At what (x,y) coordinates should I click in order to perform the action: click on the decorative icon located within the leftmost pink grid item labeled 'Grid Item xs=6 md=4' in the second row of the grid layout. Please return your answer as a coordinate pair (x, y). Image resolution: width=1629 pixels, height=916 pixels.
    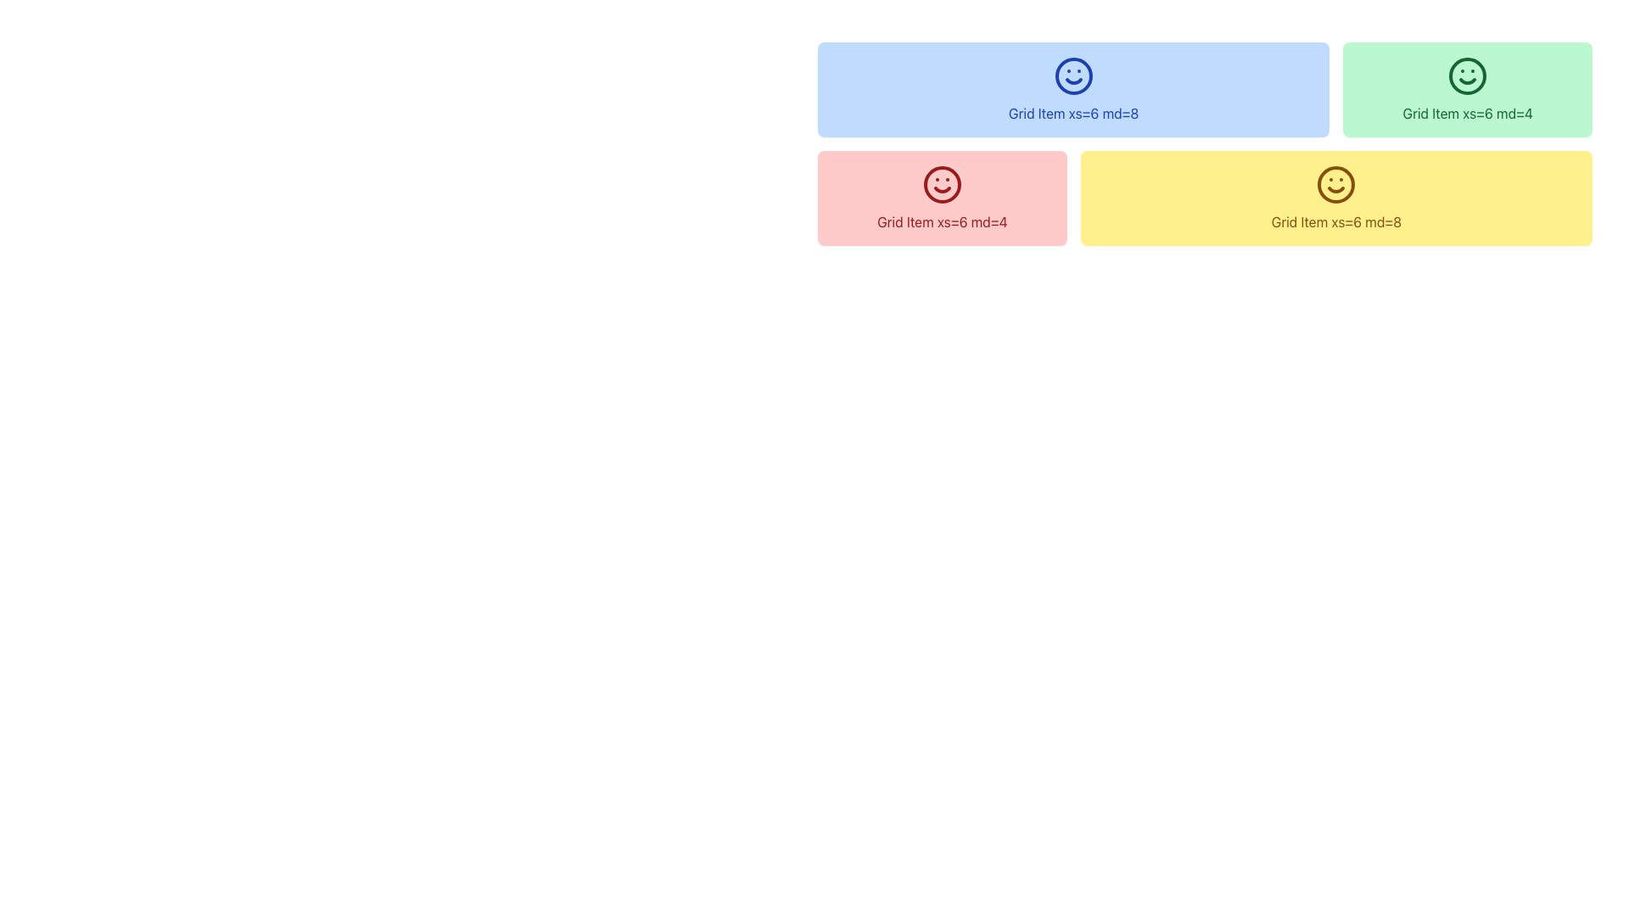
    Looking at the image, I should click on (941, 185).